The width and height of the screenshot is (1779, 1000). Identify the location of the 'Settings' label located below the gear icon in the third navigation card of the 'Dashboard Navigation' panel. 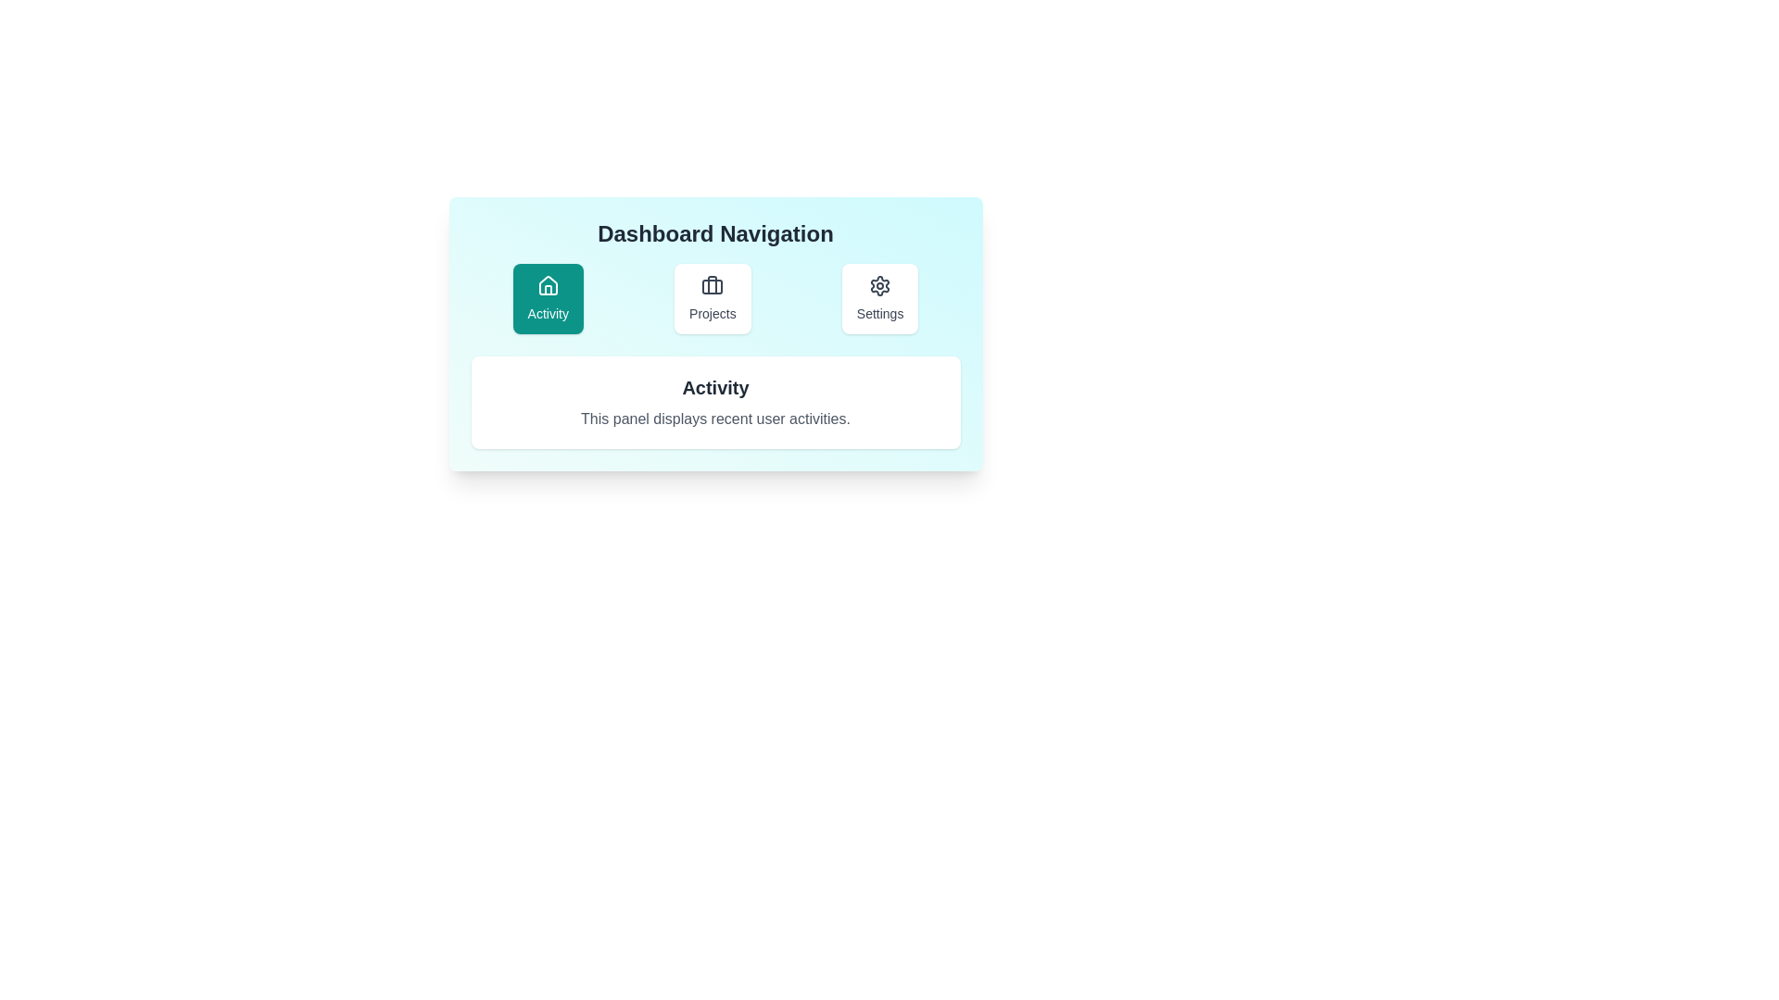
(879, 313).